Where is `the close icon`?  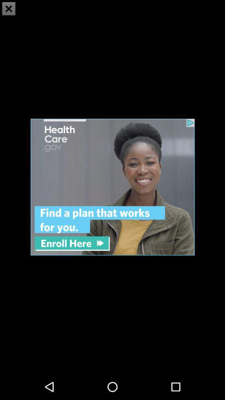
the close icon is located at coordinates (8, 9).